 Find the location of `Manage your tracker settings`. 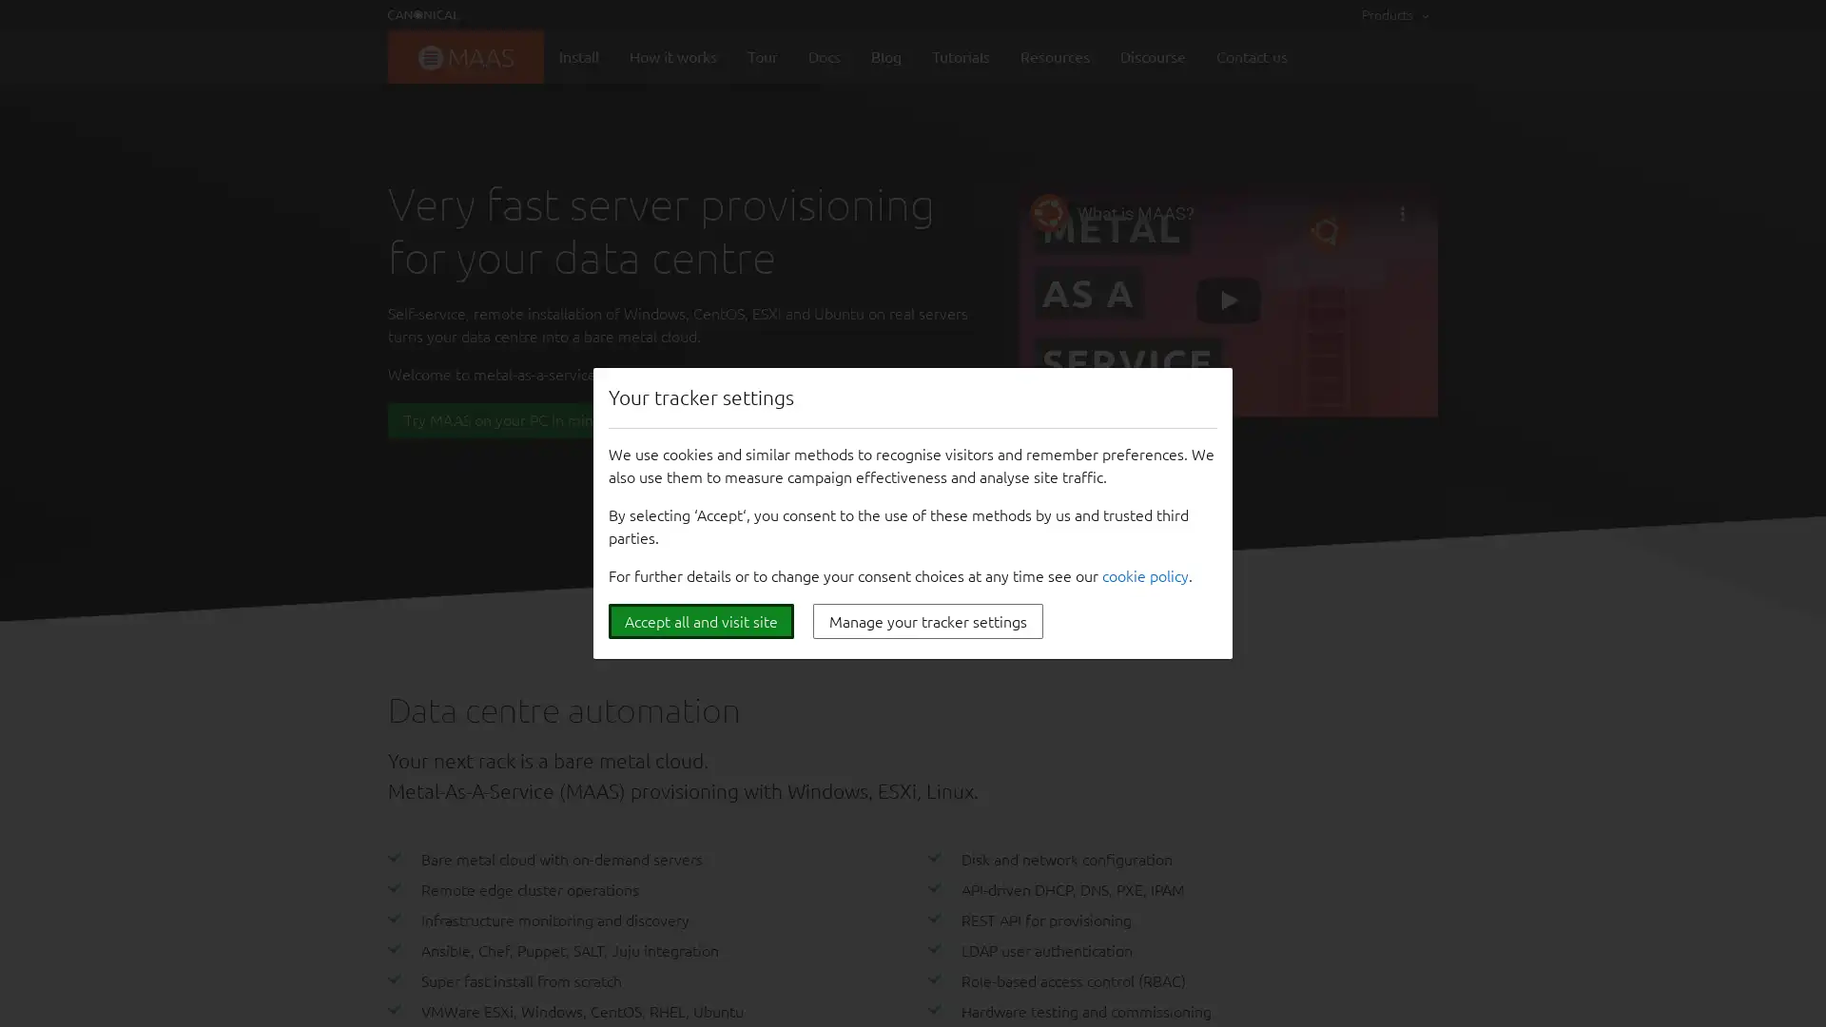

Manage your tracker settings is located at coordinates (927, 621).